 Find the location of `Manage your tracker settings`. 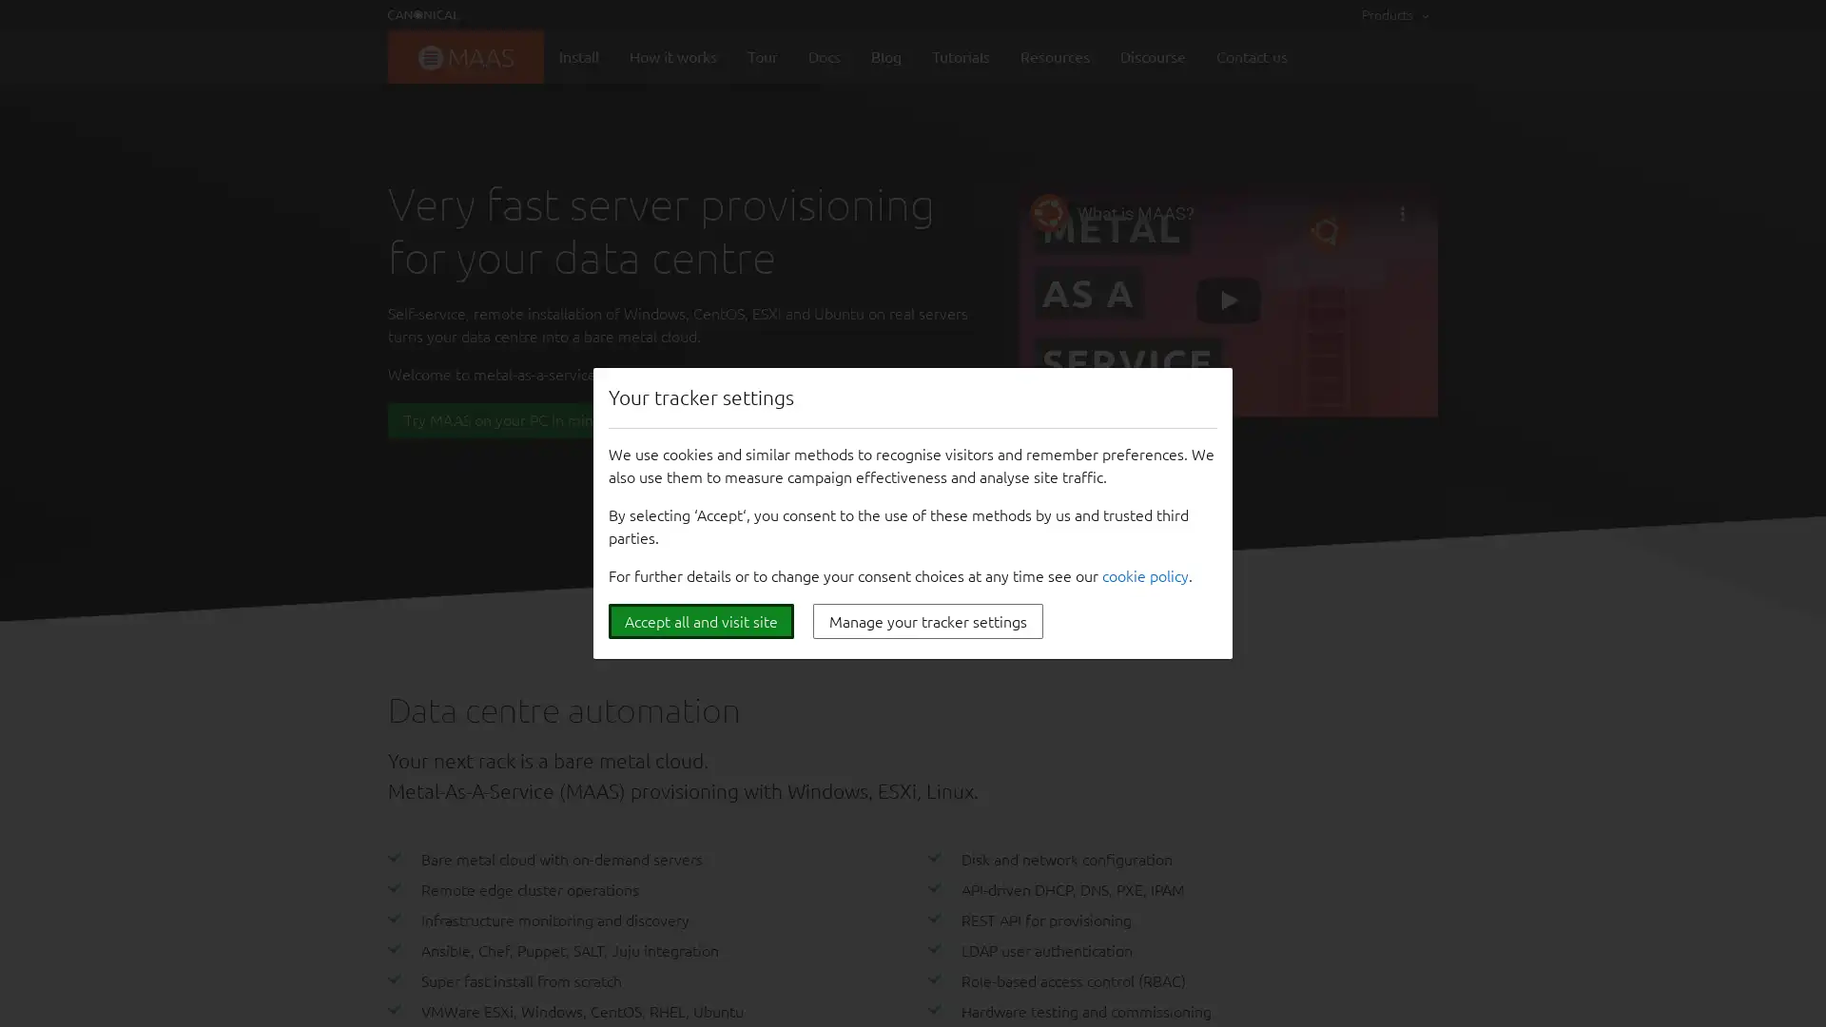

Manage your tracker settings is located at coordinates (927, 621).